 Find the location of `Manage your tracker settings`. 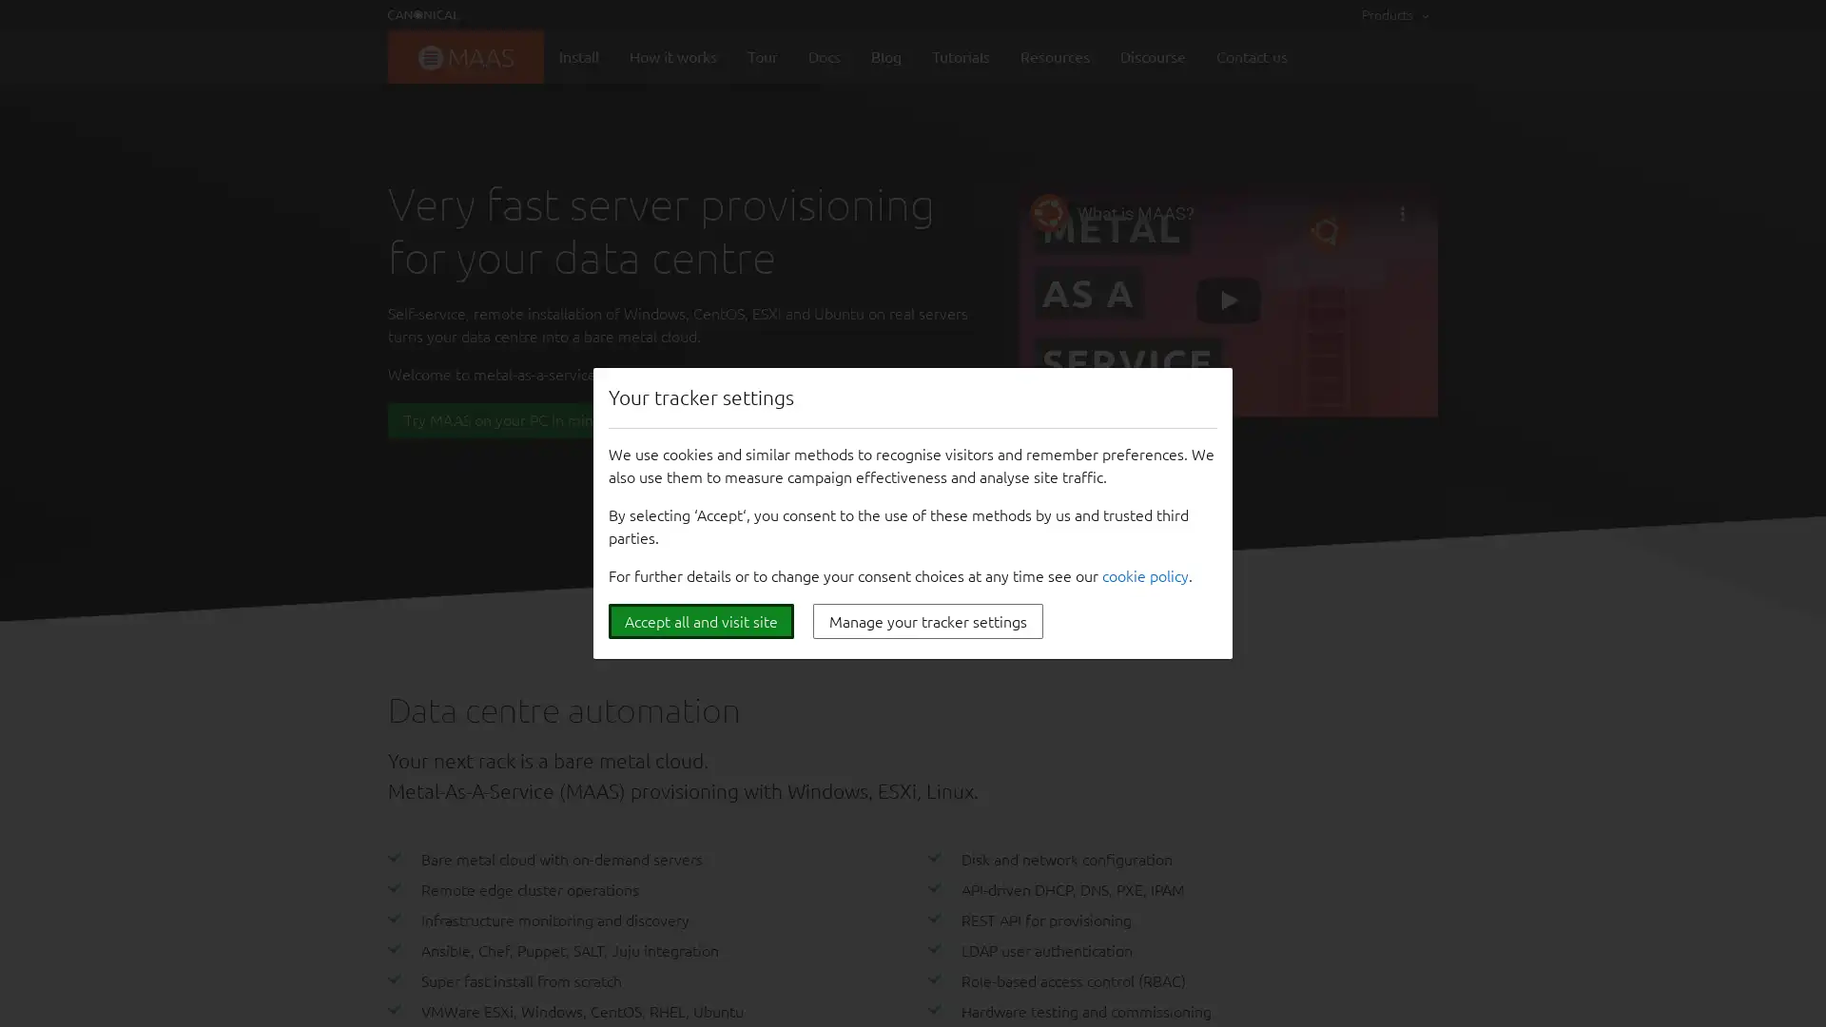

Manage your tracker settings is located at coordinates (927, 621).